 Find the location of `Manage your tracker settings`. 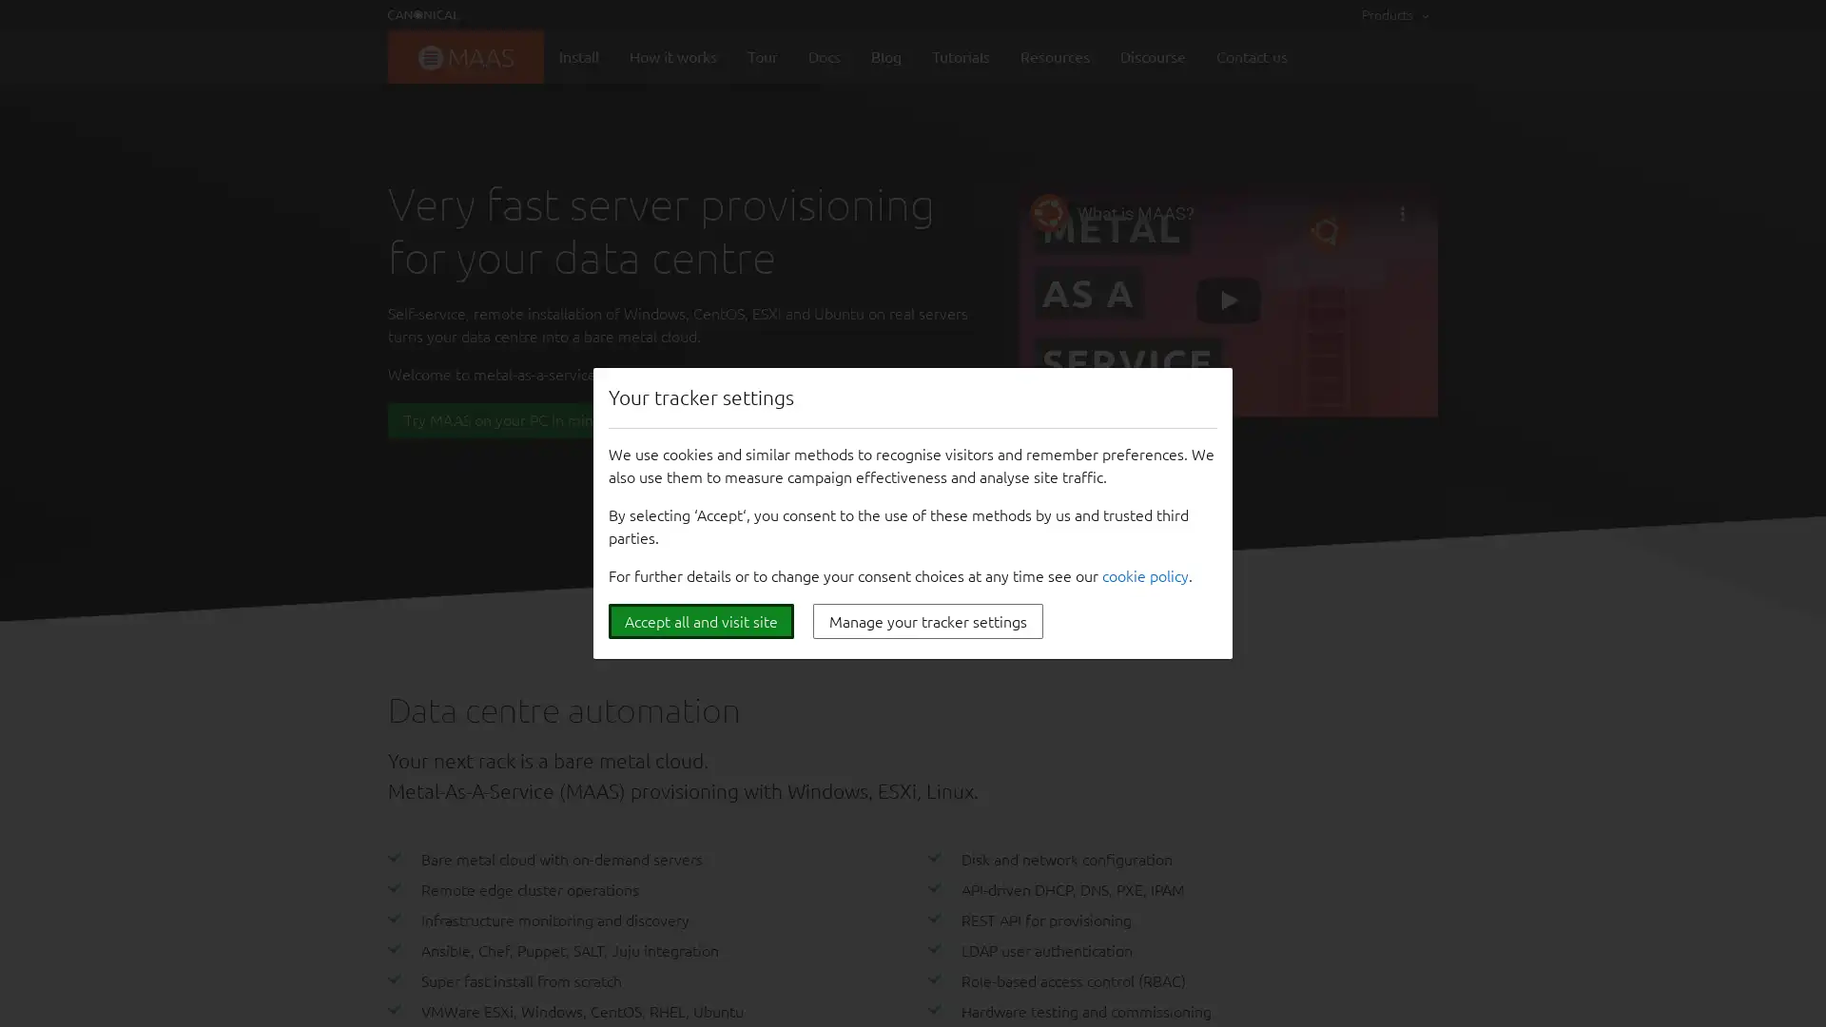

Manage your tracker settings is located at coordinates (927, 621).